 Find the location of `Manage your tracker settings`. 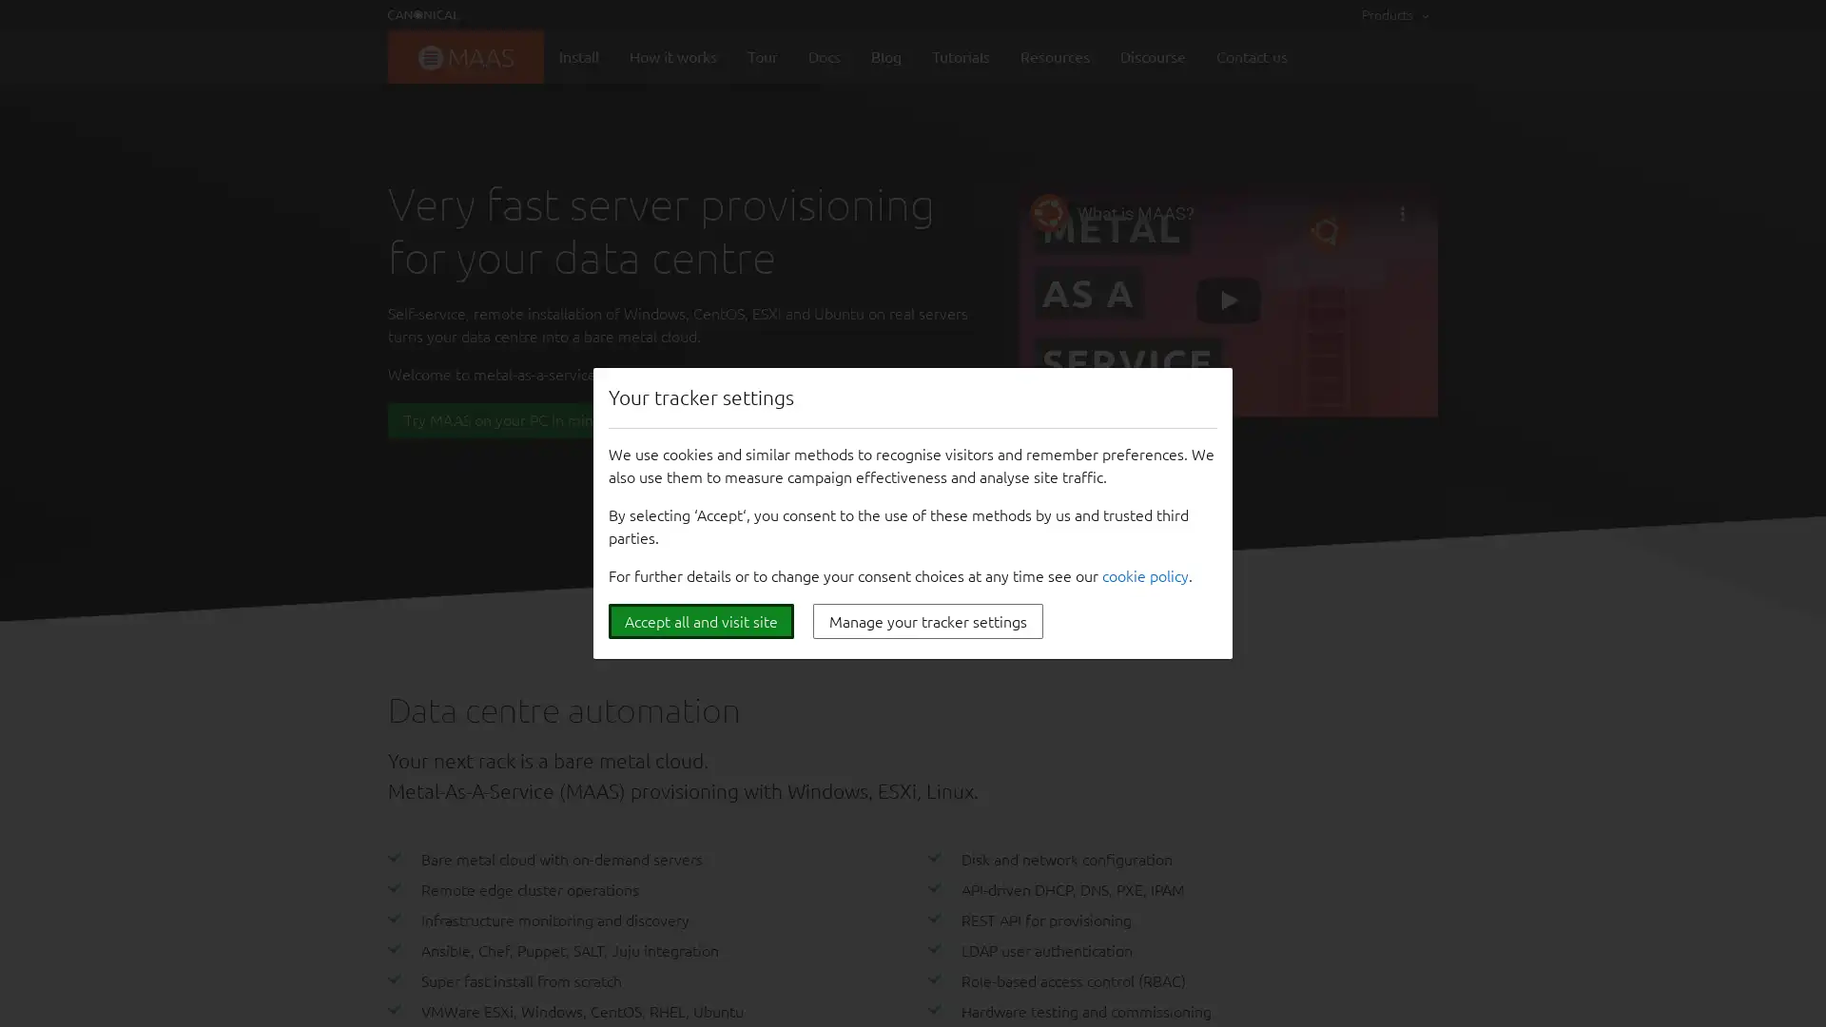

Manage your tracker settings is located at coordinates (927, 621).